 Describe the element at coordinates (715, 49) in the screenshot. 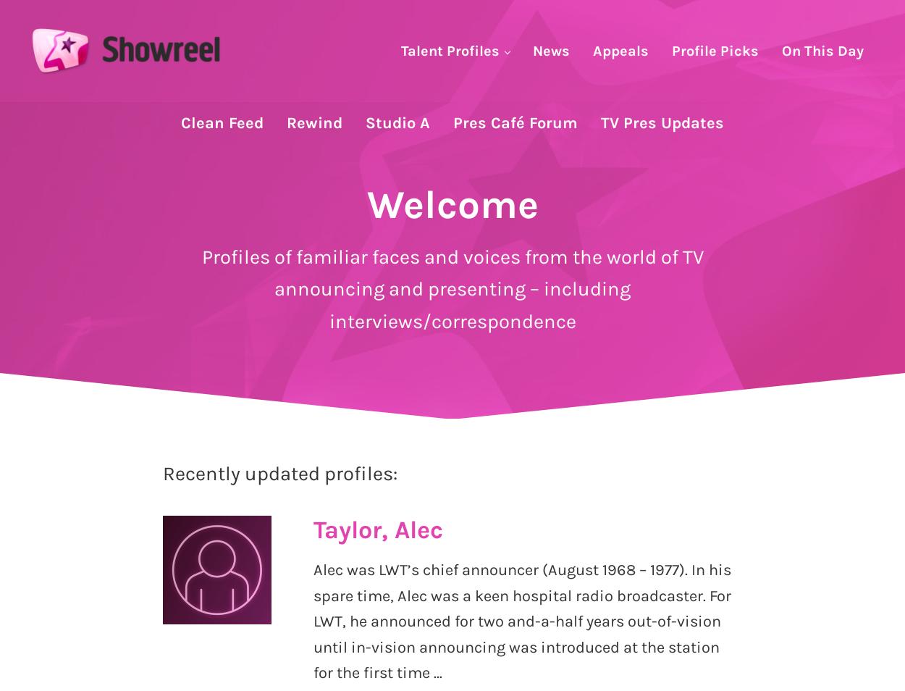

I see `'Profile Picks'` at that location.